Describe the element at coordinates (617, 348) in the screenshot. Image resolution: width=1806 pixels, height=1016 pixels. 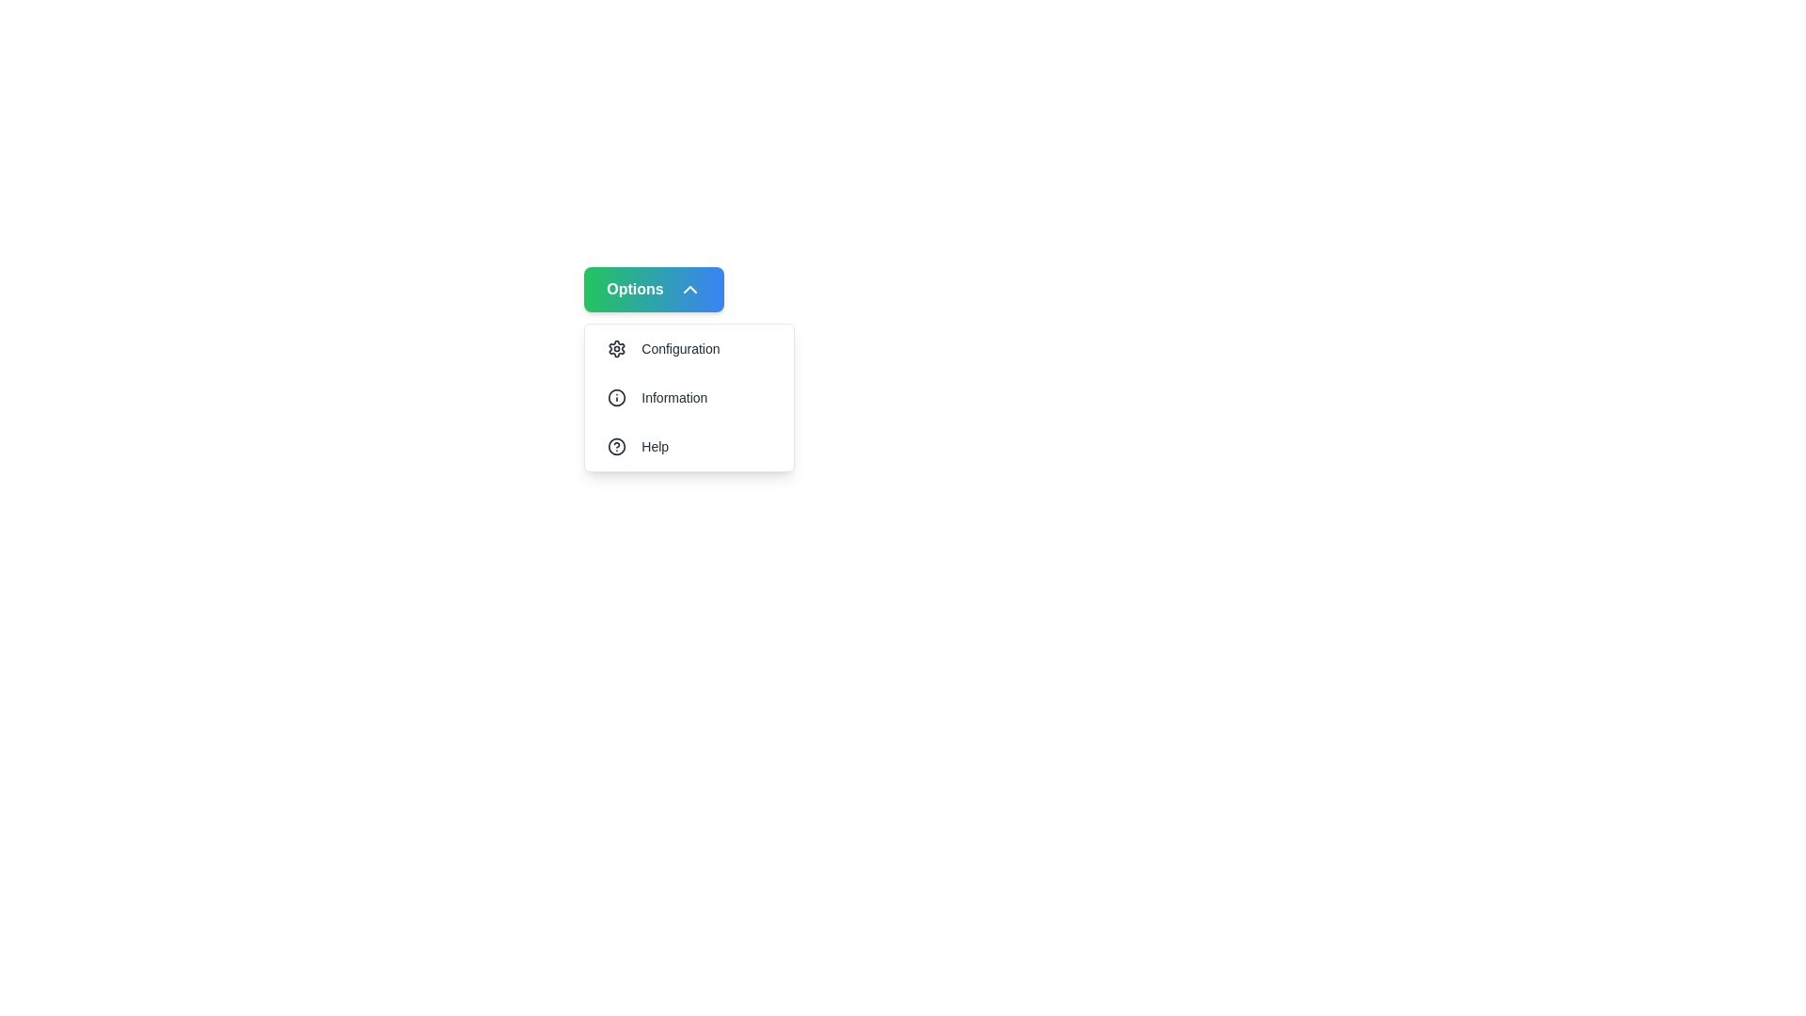
I see `the configuration icon located at the left side of the 'Configuration' text in the dropdown menu under the 'Options' button` at that location.